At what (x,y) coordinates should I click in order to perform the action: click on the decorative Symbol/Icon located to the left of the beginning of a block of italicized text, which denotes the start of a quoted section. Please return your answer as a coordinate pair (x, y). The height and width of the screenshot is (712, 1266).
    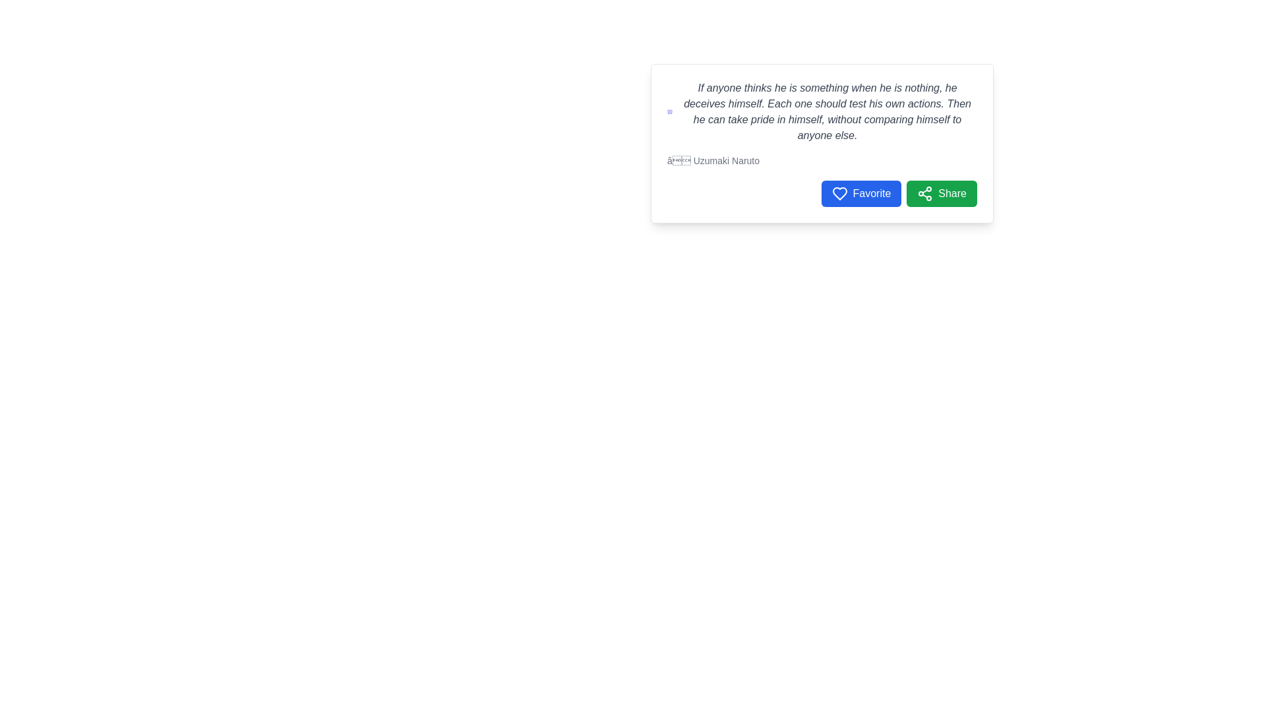
    Looking at the image, I should click on (670, 111).